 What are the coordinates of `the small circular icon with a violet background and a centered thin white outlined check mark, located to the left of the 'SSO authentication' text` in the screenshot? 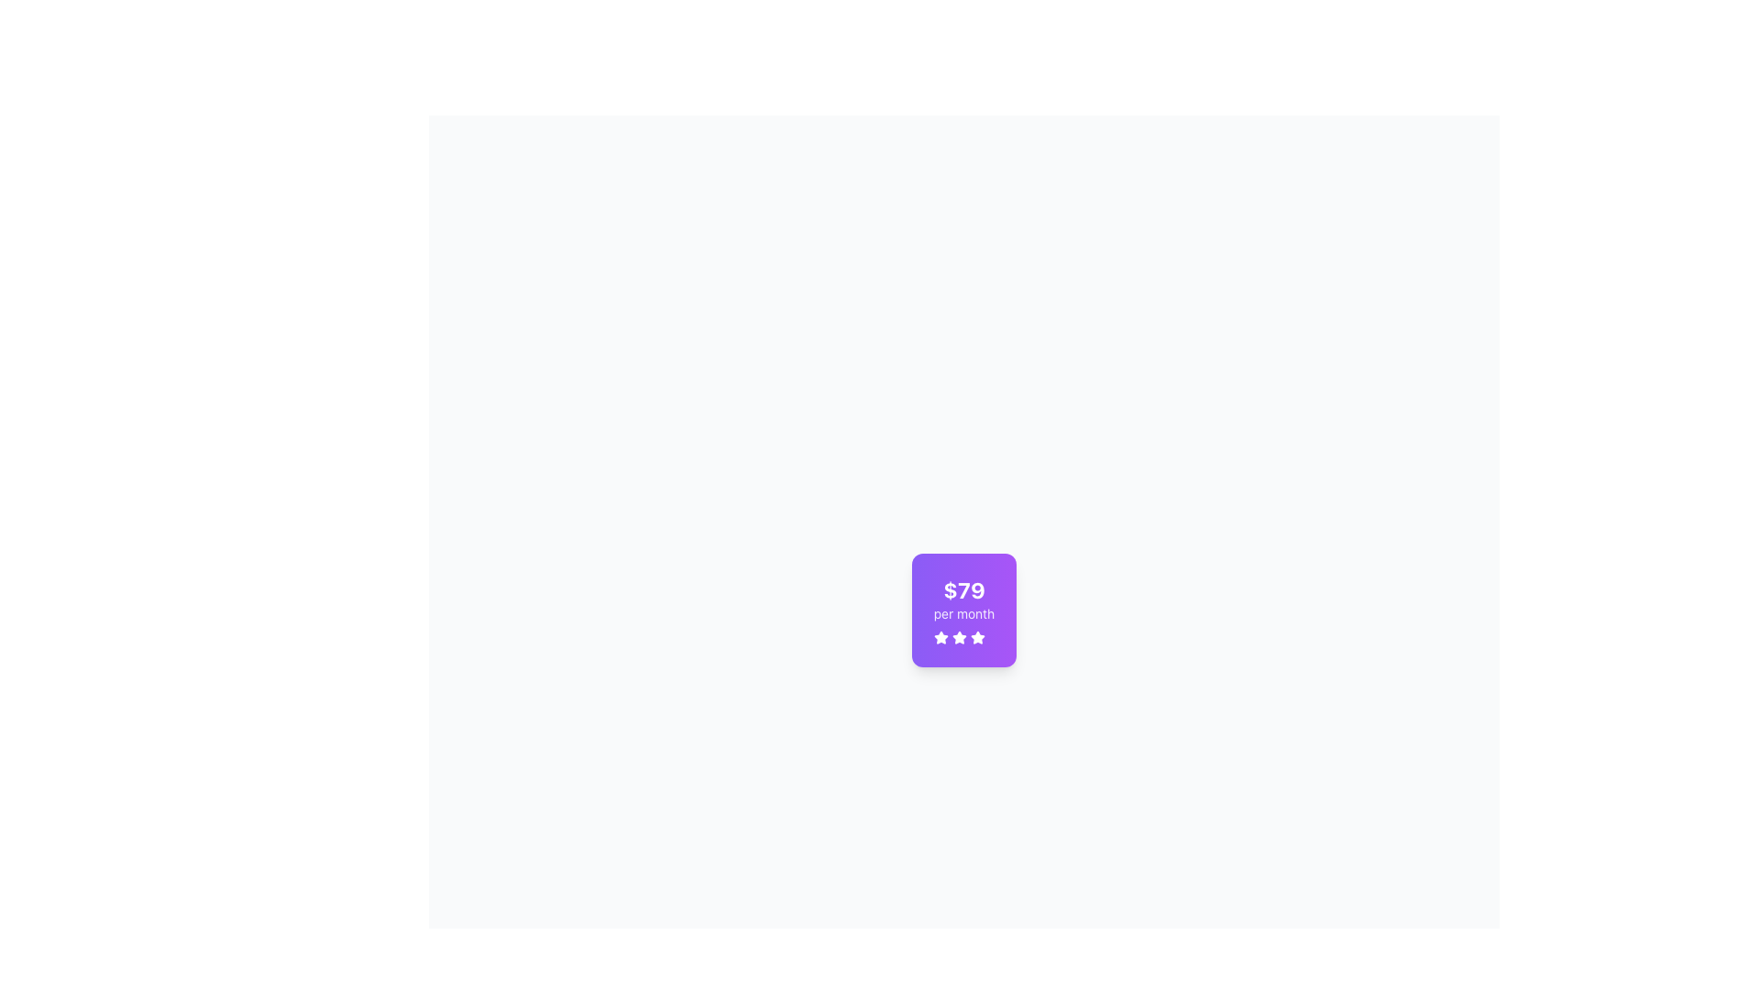 It's located at (653, 940).